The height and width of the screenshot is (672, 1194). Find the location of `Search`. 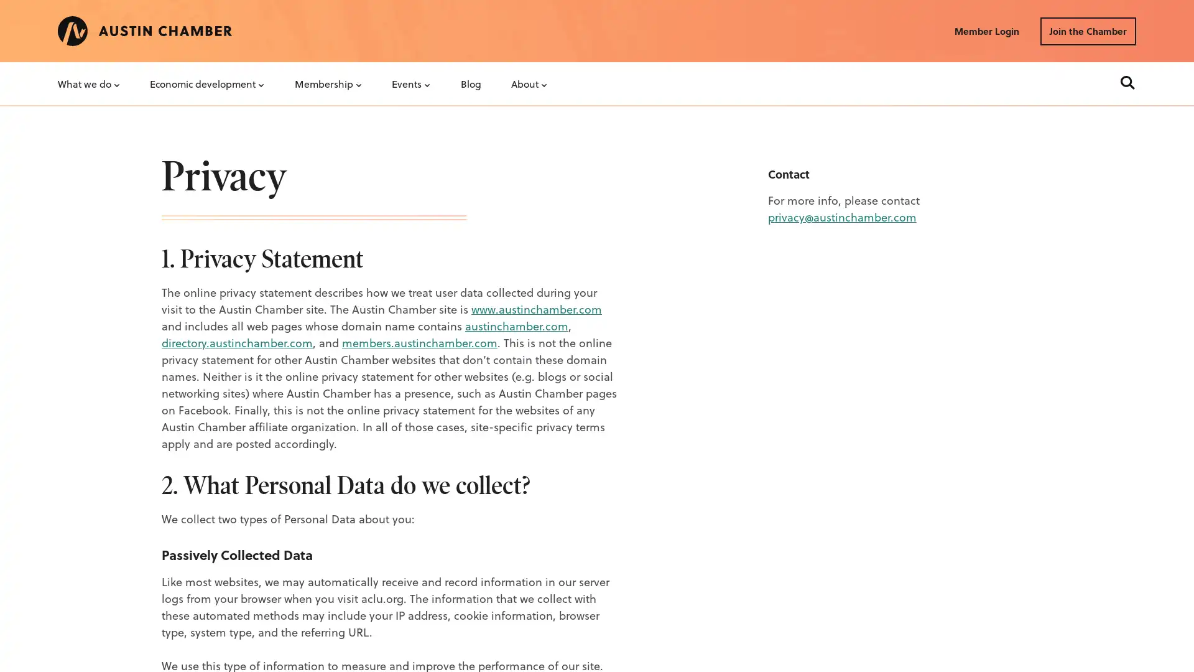

Search is located at coordinates (1127, 83).